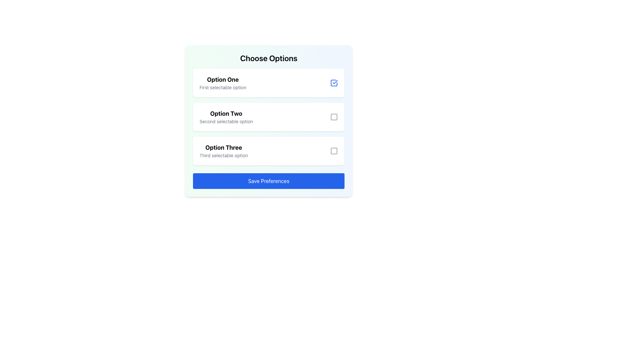 This screenshot has width=627, height=353. I want to click on the text label 'Option Three', which is bold and part of a selectable option group, positioned below 'Option Two' and above the 'Save Preferences' button, so click(224, 147).